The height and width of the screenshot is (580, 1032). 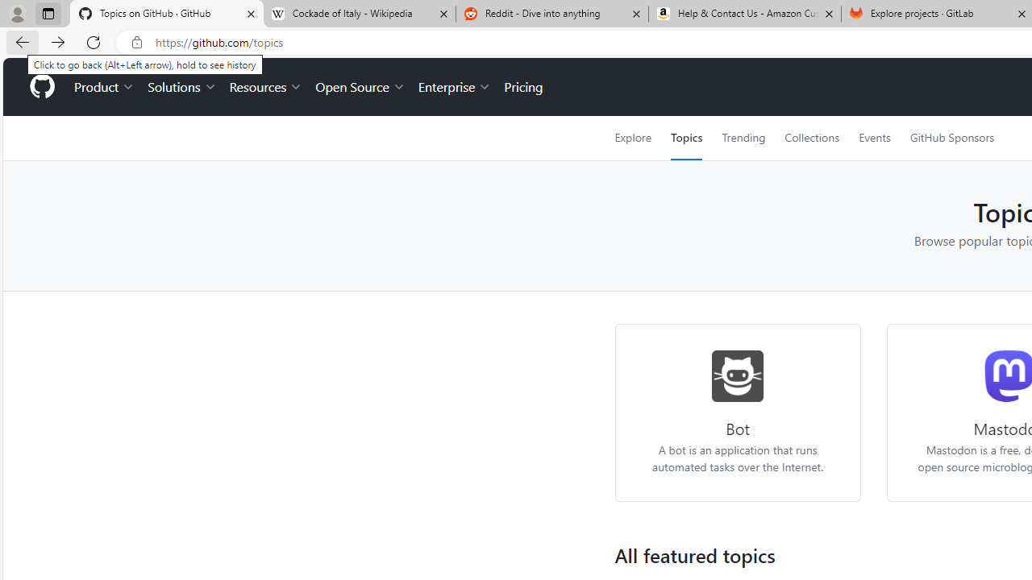 What do you see at coordinates (632, 137) in the screenshot?
I see `'Explore'` at bounding box center [632, 137].